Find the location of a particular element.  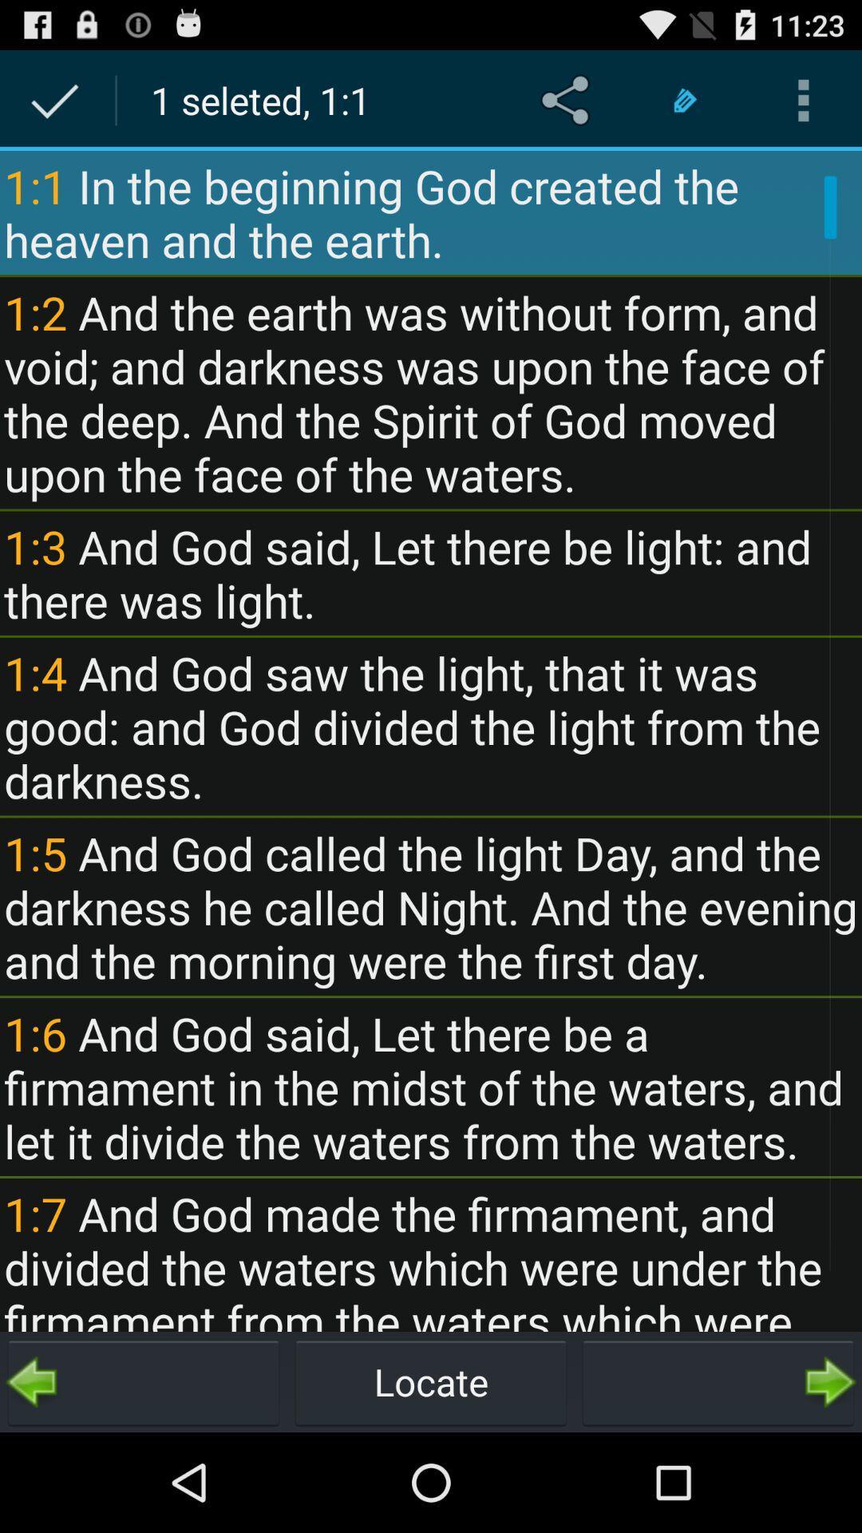

button to the right of locate item is located at coordinates (717, 1381).